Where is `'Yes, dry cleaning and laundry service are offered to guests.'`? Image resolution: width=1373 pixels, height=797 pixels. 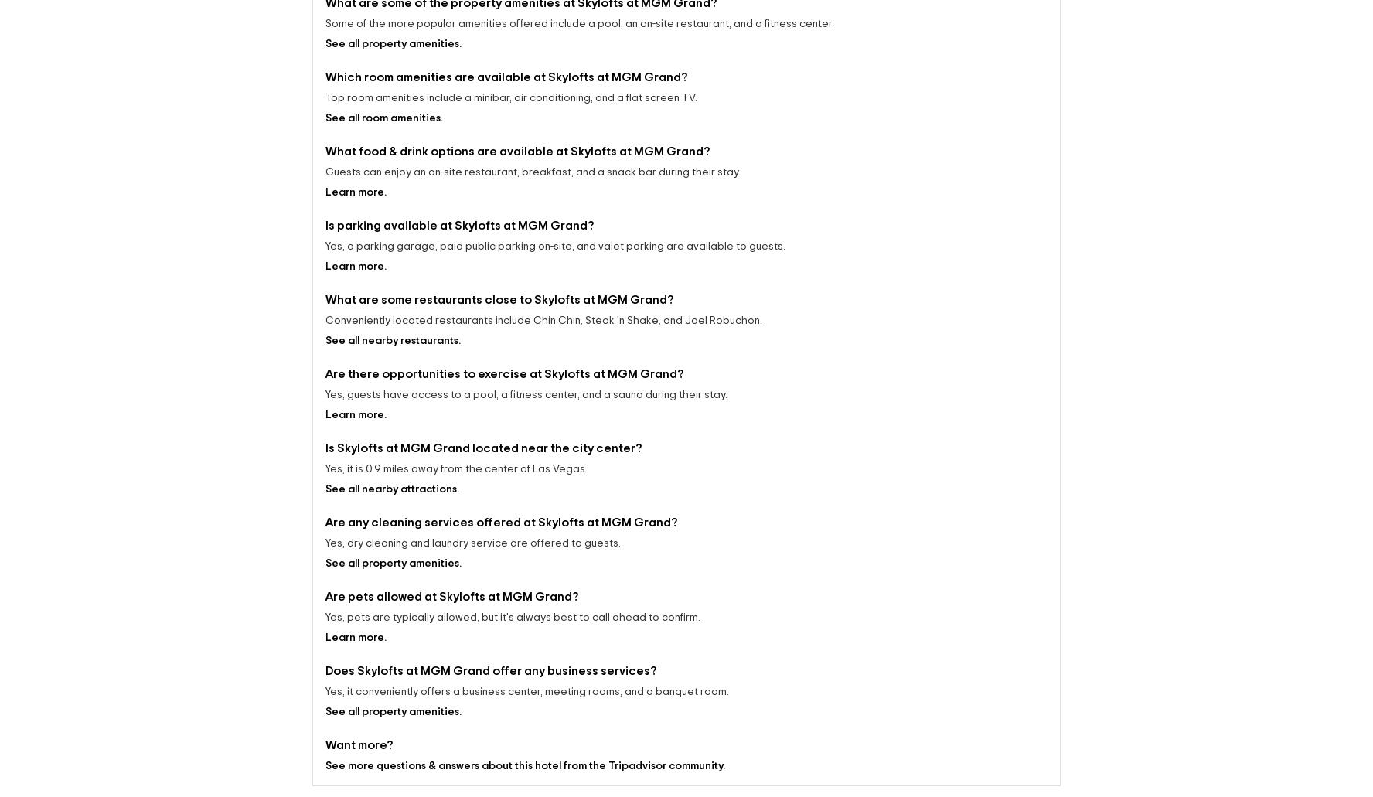
'Yes, dry cleaning and laundry service are offered to guests.' is located at coordinates (472, 529).